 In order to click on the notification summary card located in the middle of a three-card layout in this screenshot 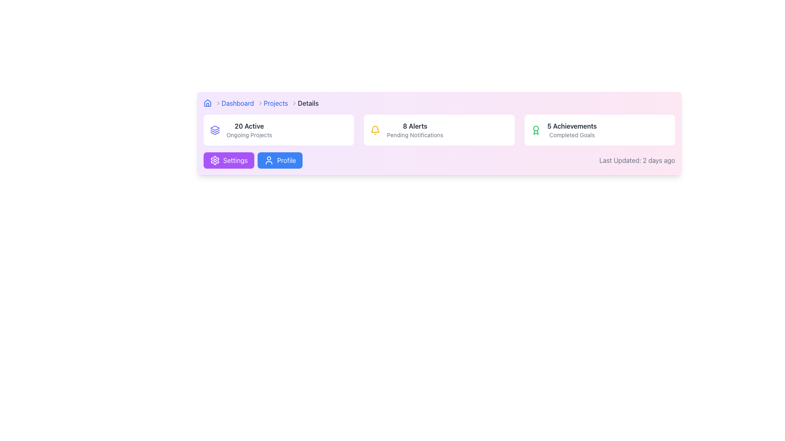, I will do `click(439, 130)`.